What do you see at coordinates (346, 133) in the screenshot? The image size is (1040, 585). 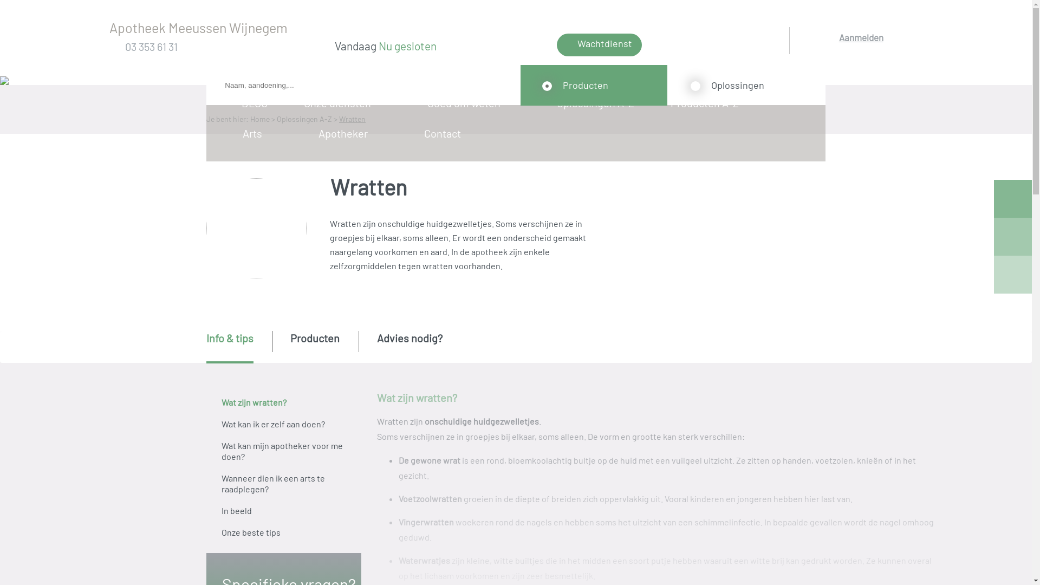 I see `'Apotheker'` at bounding box center [346, 133].